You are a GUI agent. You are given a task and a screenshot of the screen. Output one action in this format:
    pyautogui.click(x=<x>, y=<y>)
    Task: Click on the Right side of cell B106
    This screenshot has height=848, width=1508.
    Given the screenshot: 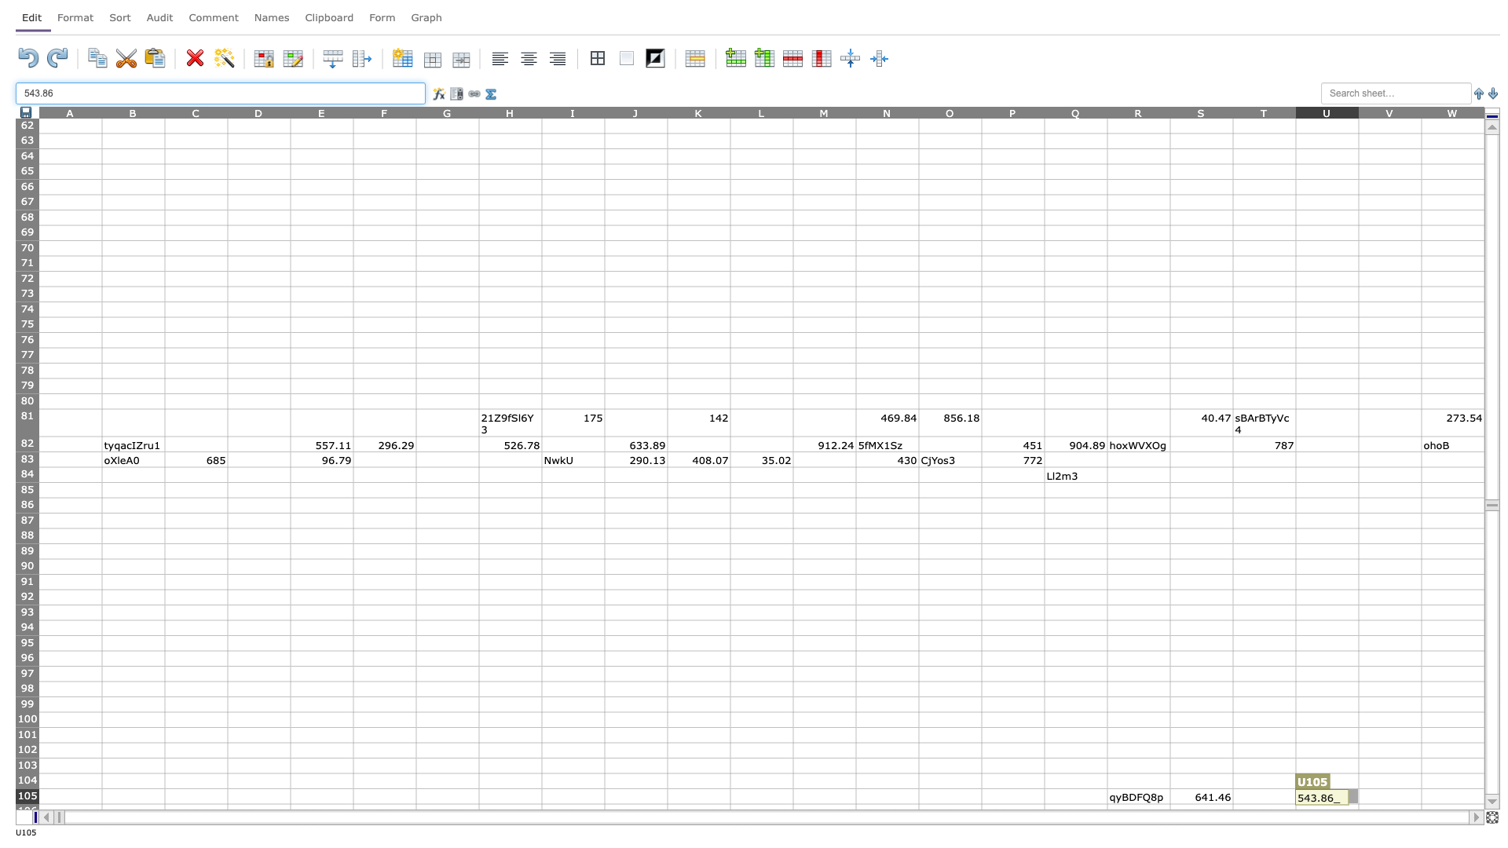 What is the action you would take?
    pyautogui.click(x=165, y=811)
    